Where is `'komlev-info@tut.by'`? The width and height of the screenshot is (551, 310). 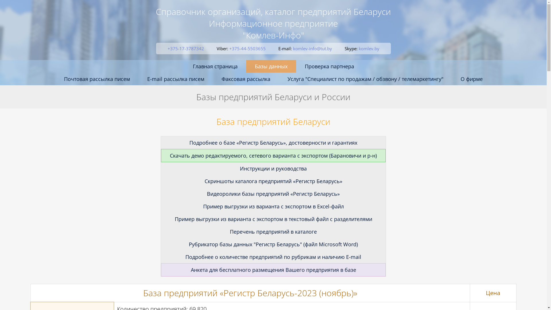 'komlev-info@tut.by' is located at coordinates (312, 48).